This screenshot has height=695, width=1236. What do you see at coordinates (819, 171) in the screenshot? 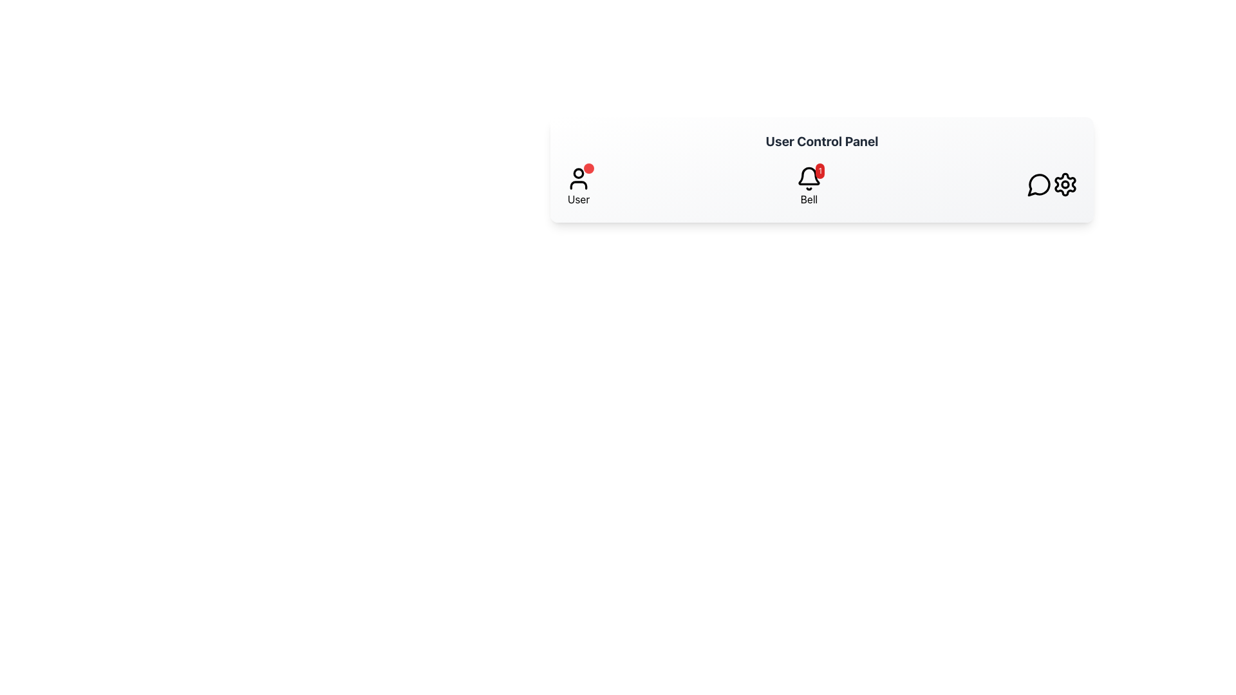
I see `the Notification Badge element, which is a circular badge with a red background and a white number '1' centered inside, positioned at the top-right corner of the bell icon in the navigation bar` at bounding box center [819, 171].